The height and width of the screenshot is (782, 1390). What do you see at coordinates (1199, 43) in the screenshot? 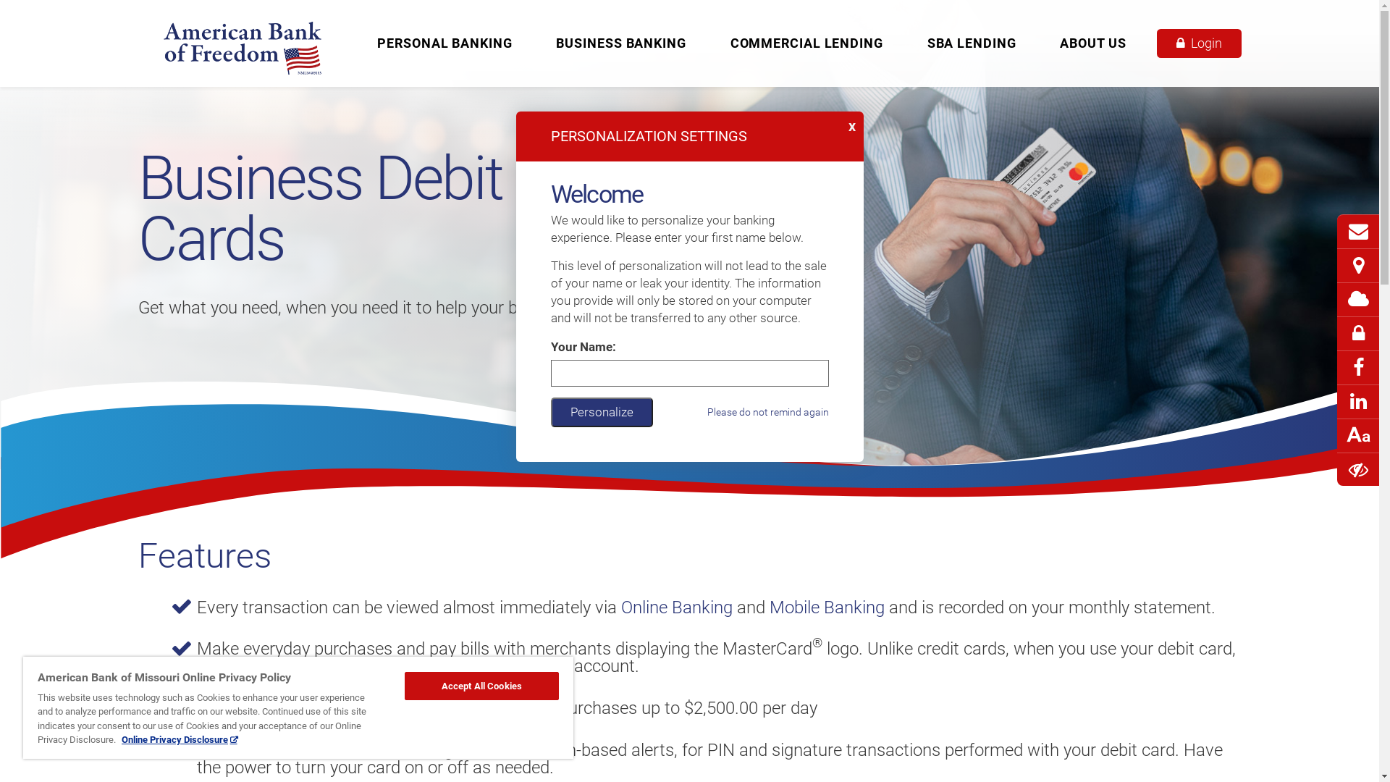
I see `'Login'` at bounding box center [1199, 43].